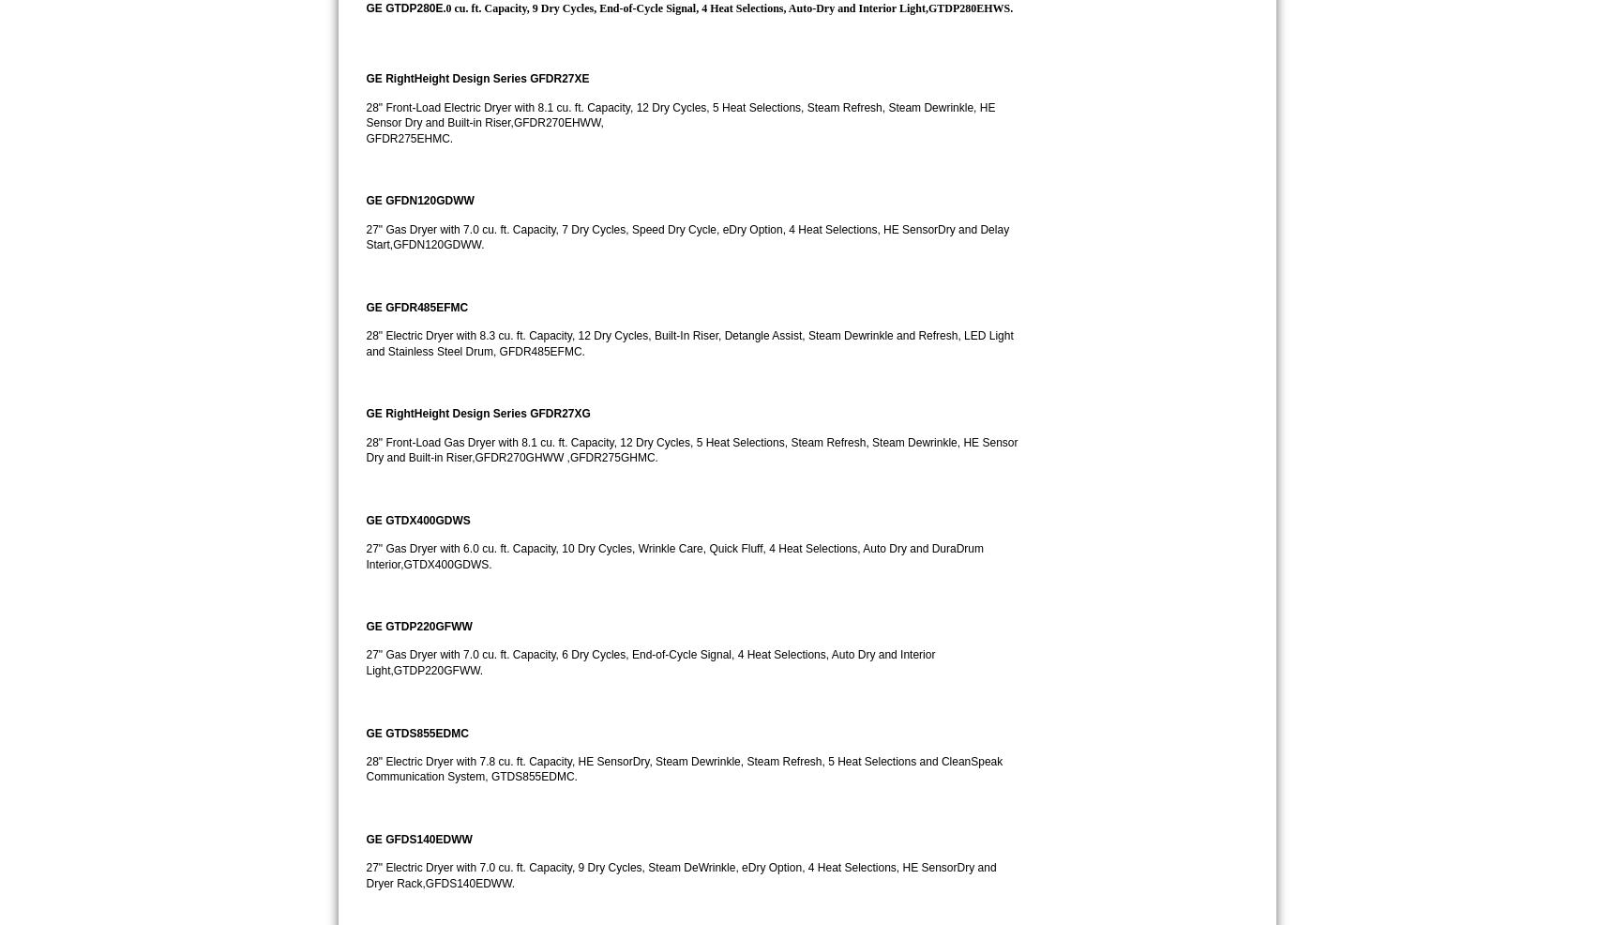 This screenshot has height=925, width=1614. Describe the element at coordinates (1200, 133) in the screenshot. I see `'92177'` at that location.